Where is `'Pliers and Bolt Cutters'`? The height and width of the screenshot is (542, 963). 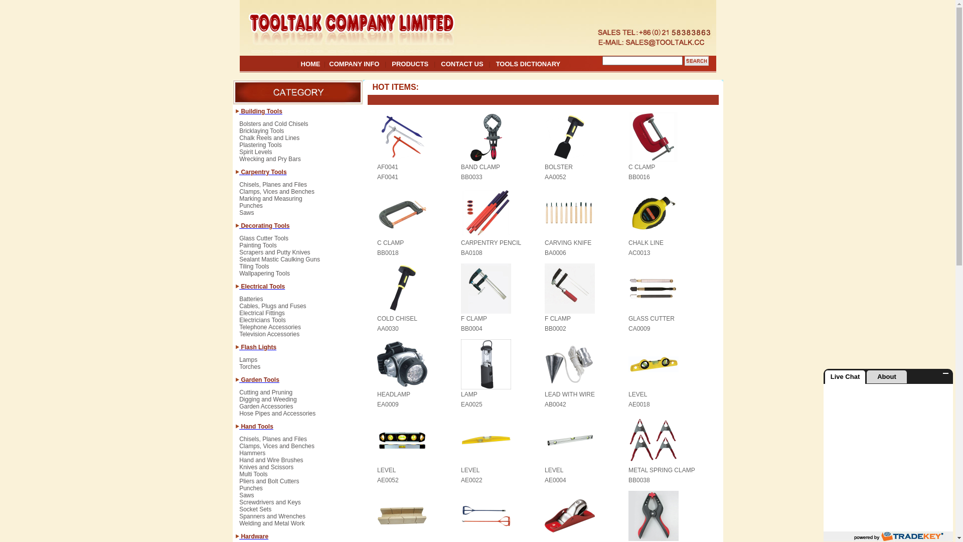
'Pliers and Bolt Cutters' is located at coordinates (269, 484).